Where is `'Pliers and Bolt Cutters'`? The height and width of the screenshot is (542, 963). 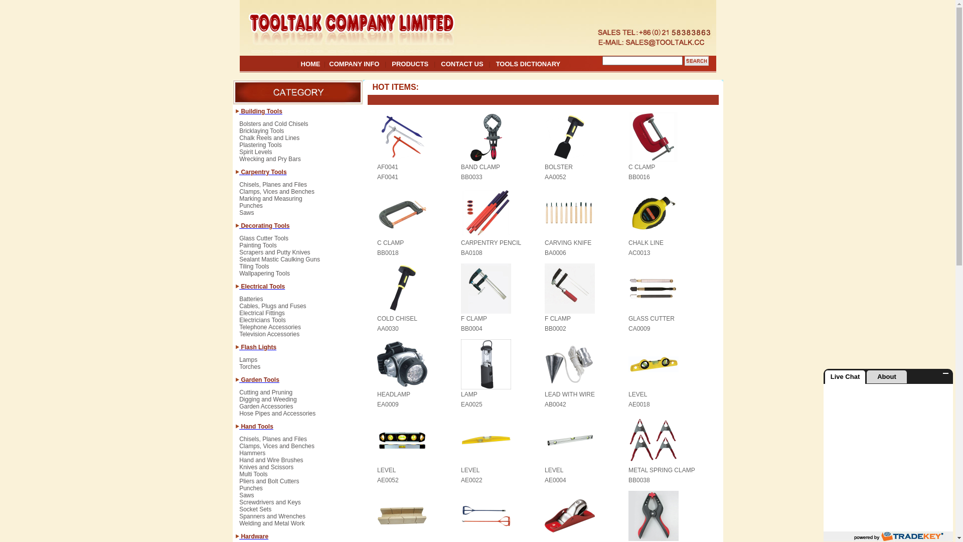
'Pliers and Bolt Cutters' is located at coordinates (269, 484).